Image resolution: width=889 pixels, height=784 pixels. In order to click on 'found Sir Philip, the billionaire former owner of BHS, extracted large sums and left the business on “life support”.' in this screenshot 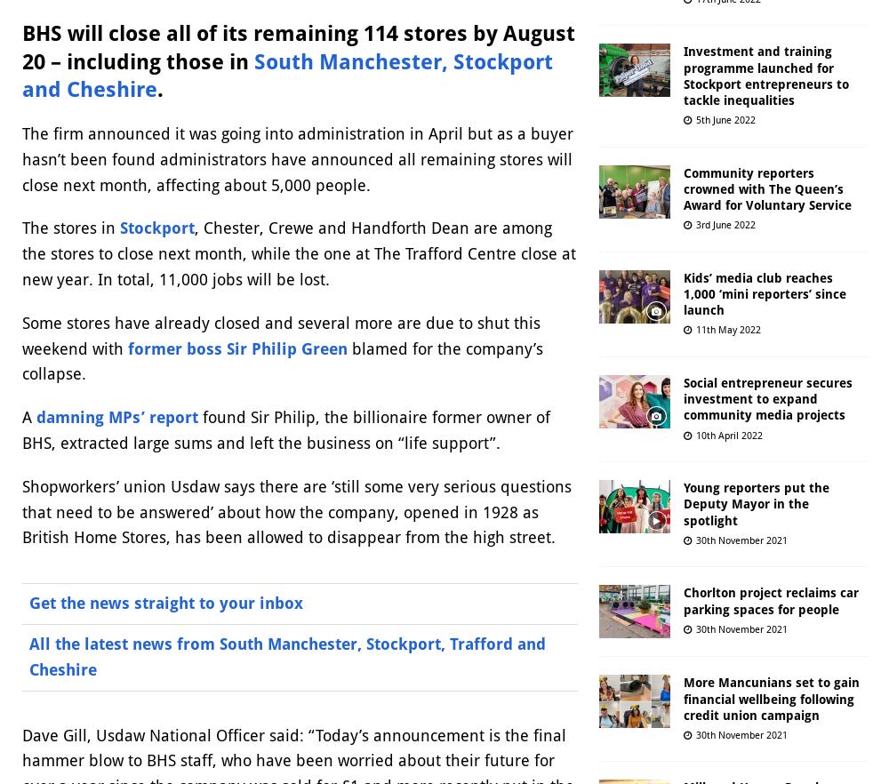, I will do `click(285, 428)`.